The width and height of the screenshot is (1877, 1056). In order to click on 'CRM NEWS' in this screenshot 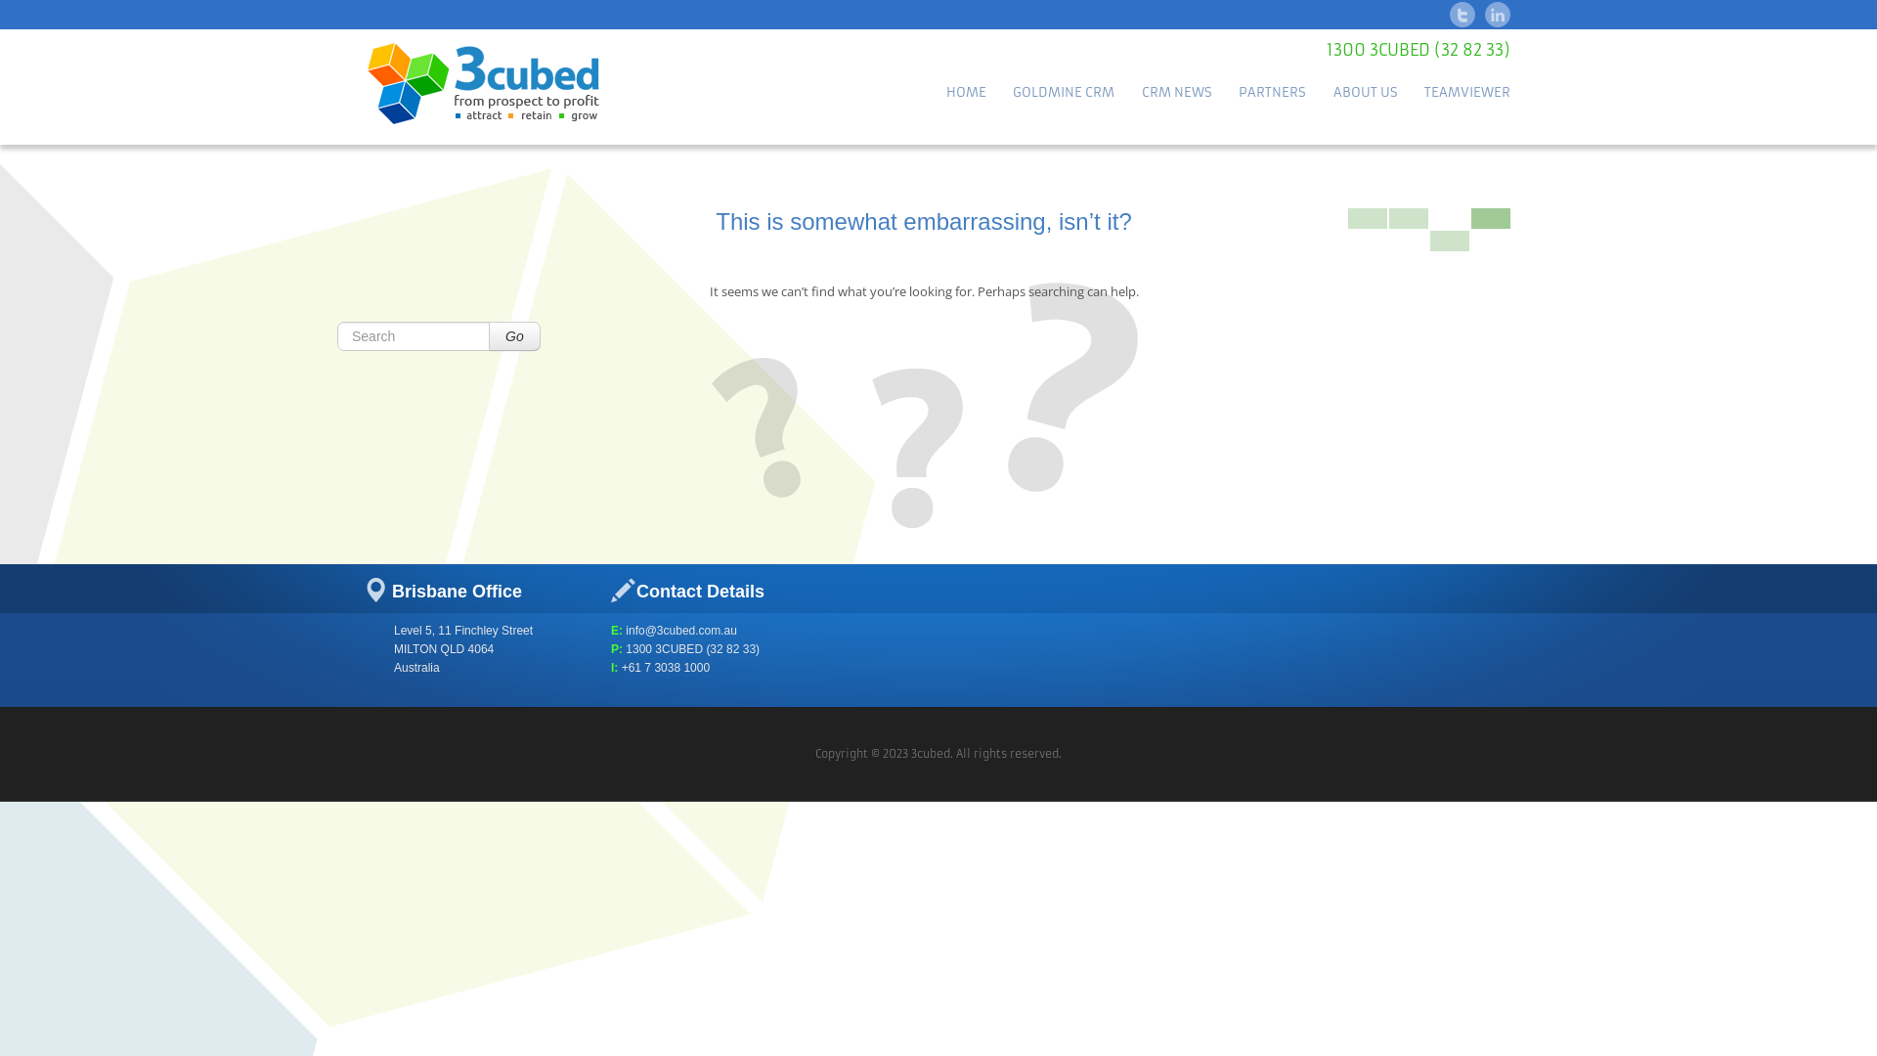, I will do `click(1176, 93)`.